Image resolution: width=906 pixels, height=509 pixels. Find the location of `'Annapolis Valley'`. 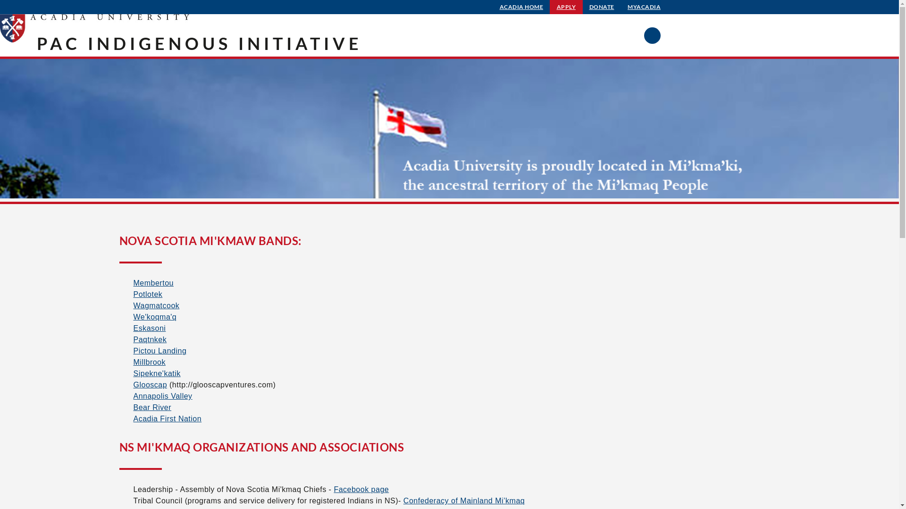

'Annapolis Valley' is located at coordinates (162, 396).